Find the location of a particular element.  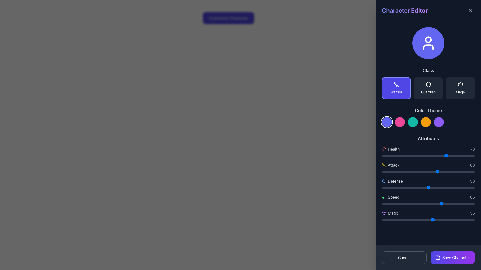

the interactive color selection circle located in the right-side panel under the 'Color Theme' header is located at coordinates (428, 122).